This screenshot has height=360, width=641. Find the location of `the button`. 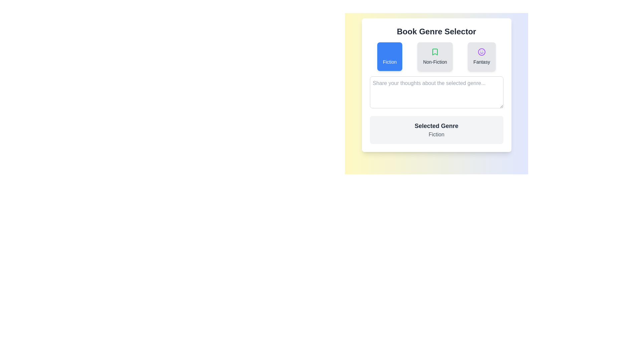

the button is located at coordinates (435, 56).